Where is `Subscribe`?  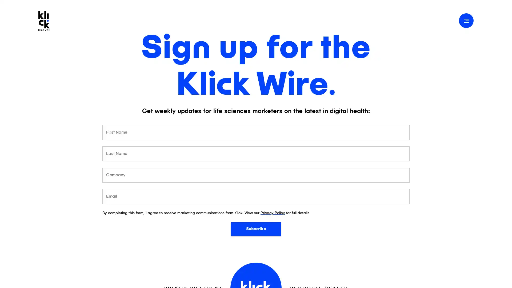 Subscribe is located at coordinates (256, 229).